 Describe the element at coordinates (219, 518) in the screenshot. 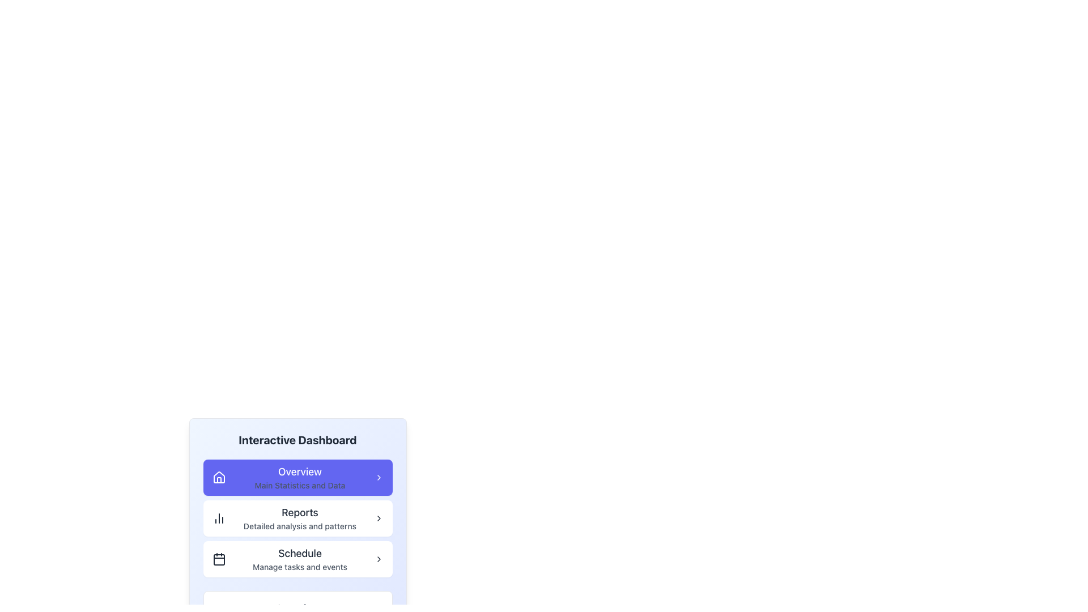

I see `the 'Reports' menu item which contains a minimalist bar chart icon on the left side` at that location.